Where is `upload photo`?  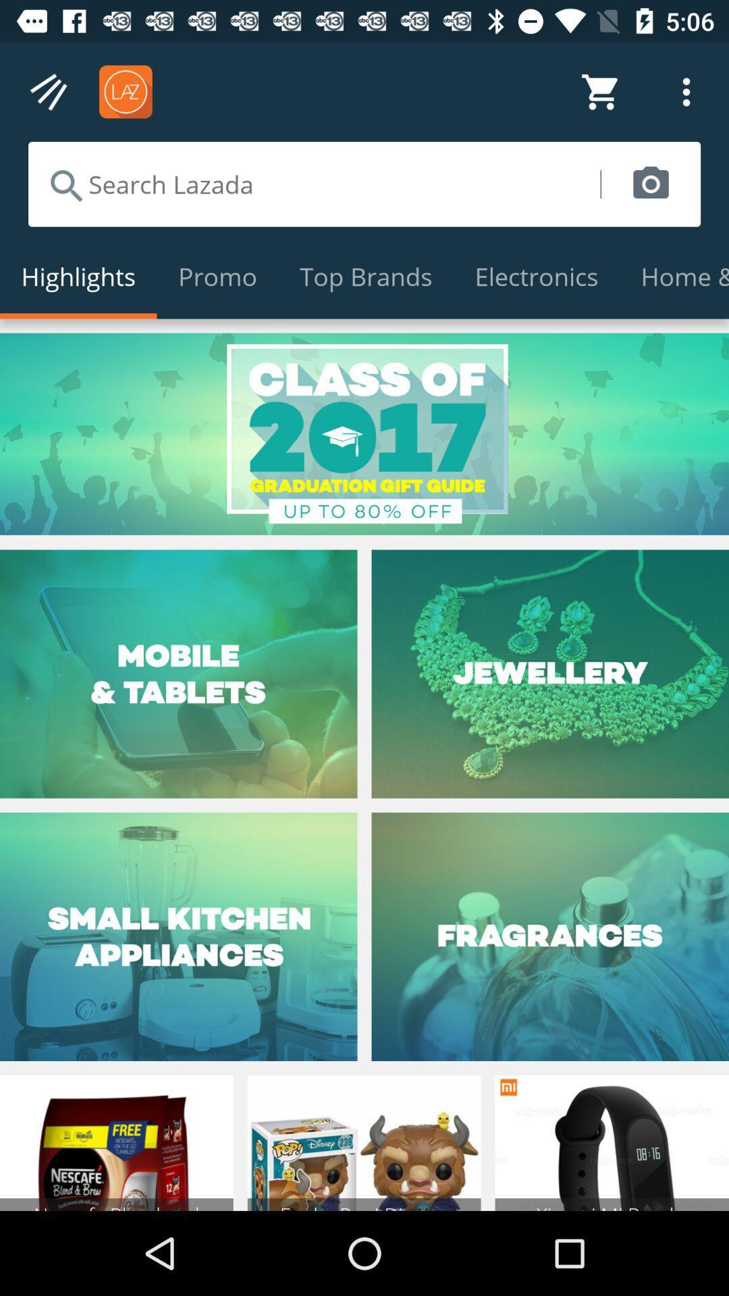 upload photo is located at coordinates (650, 184).